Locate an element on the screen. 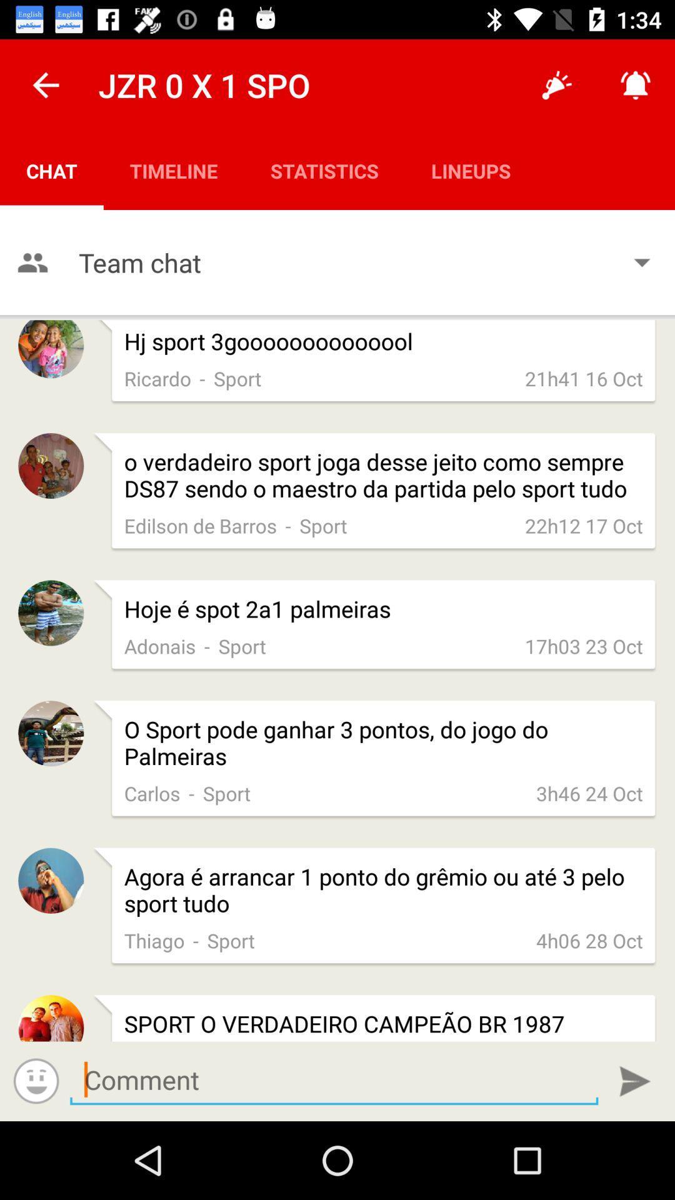 Image resolution: width=675 pixels, height=1200 pixels. app below the hj sport 3goooooooooooool app is located at coordinates (157, 377).